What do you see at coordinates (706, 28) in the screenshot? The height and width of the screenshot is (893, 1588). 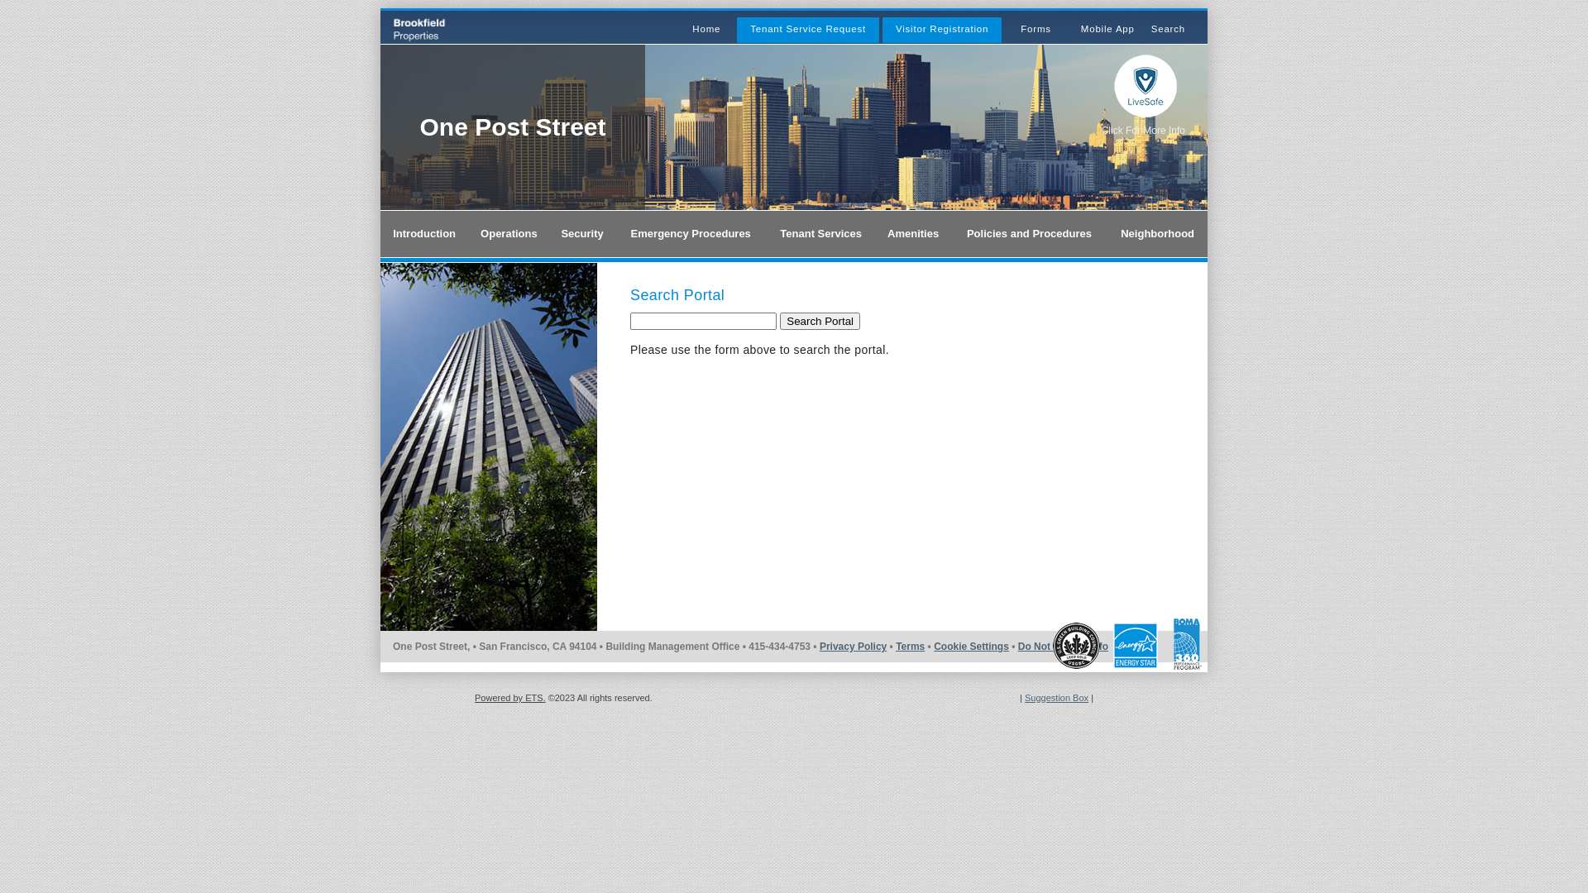 I see `'Home'` at bounding box center [706, 28].